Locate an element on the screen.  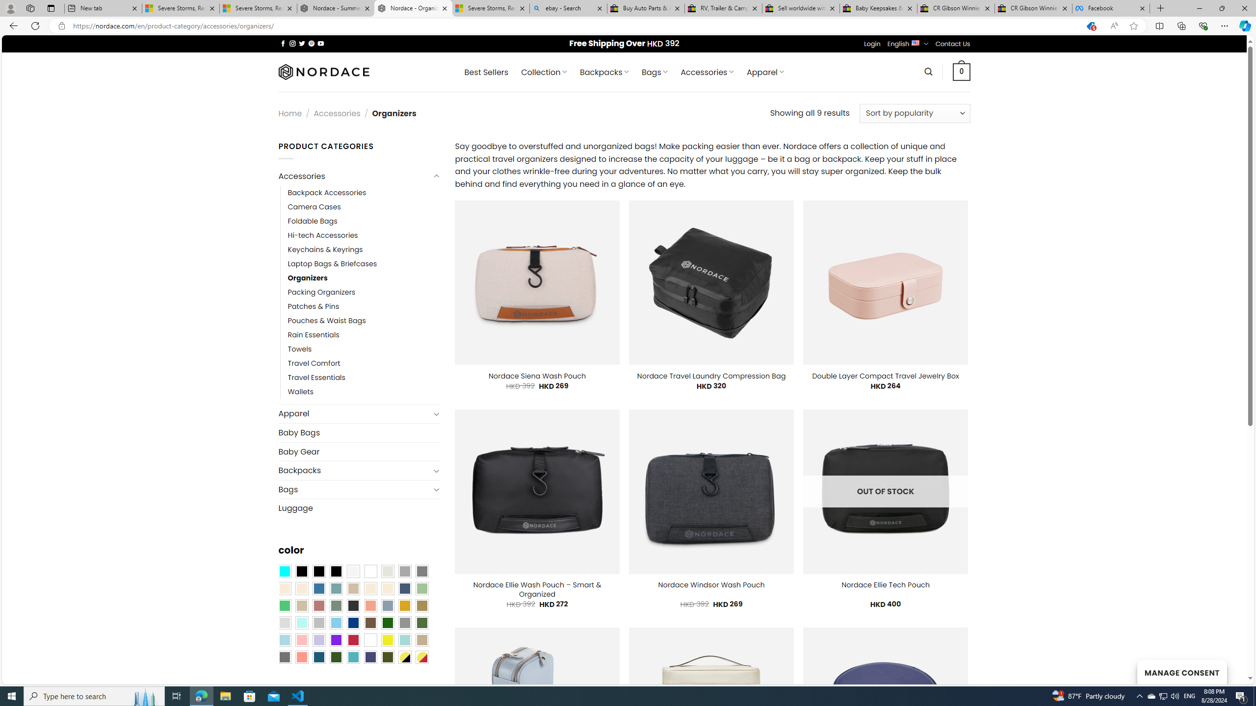
'Back' is located at coordinates (12, 25).